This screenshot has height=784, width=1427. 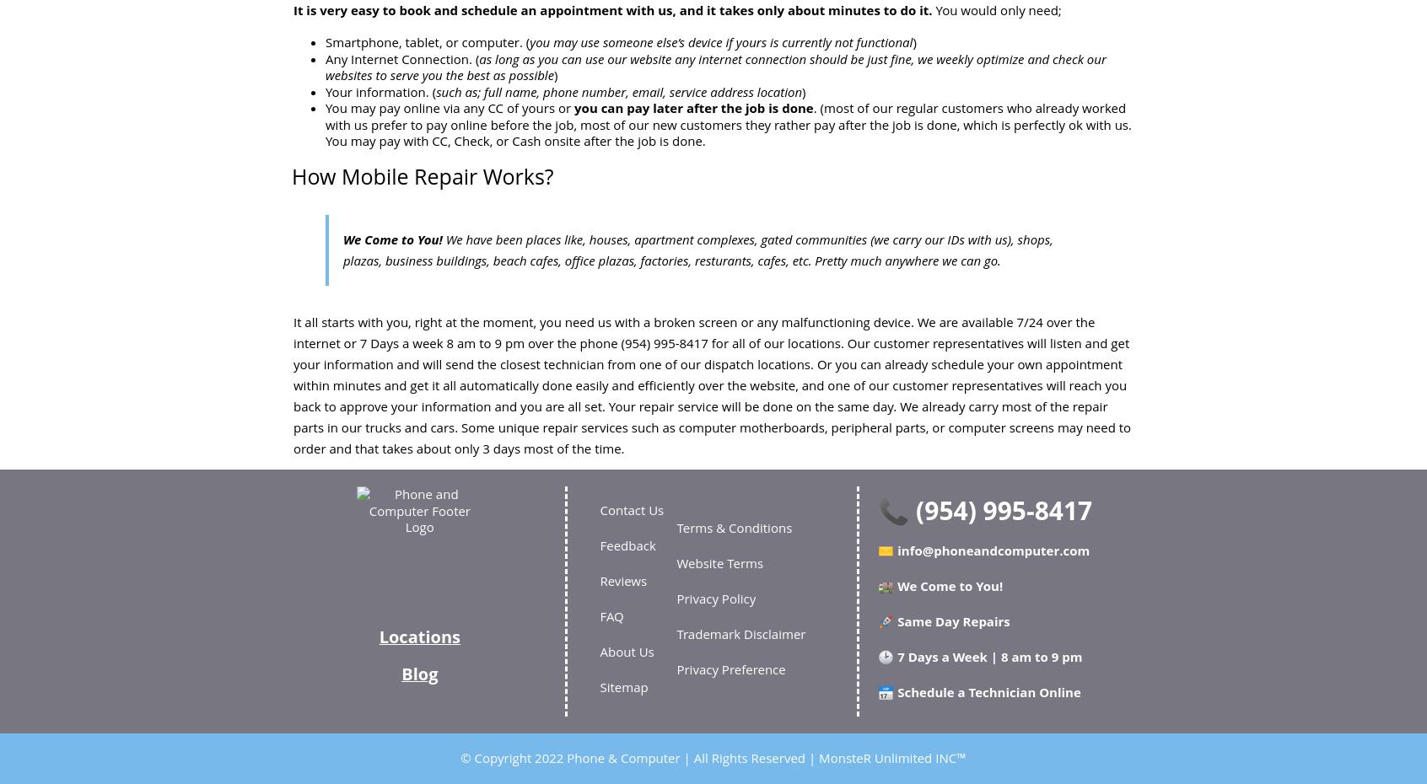 What do you see at coordinates (987, 655) in the screenshot?
I see `'7 Days a Week | 8 am to 9 pm'` at bounding box center [987, 655].